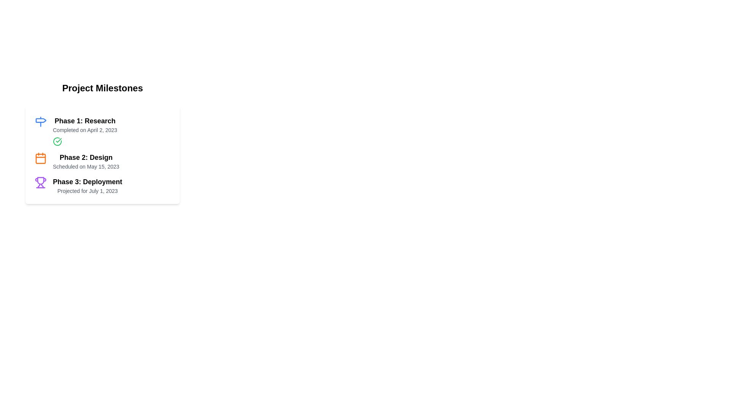 The width and height of the screenshot is (731, 411). I want to click on information block that indicates the completion status of the first phase of the project, located at the top of the 'Project Milestones' list, so click(85, 130).